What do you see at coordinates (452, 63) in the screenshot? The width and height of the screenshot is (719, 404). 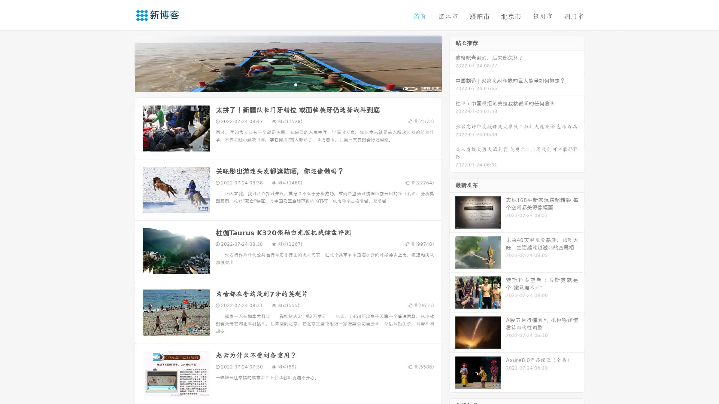 I see `Next slide` at bounding box center [452, 63].